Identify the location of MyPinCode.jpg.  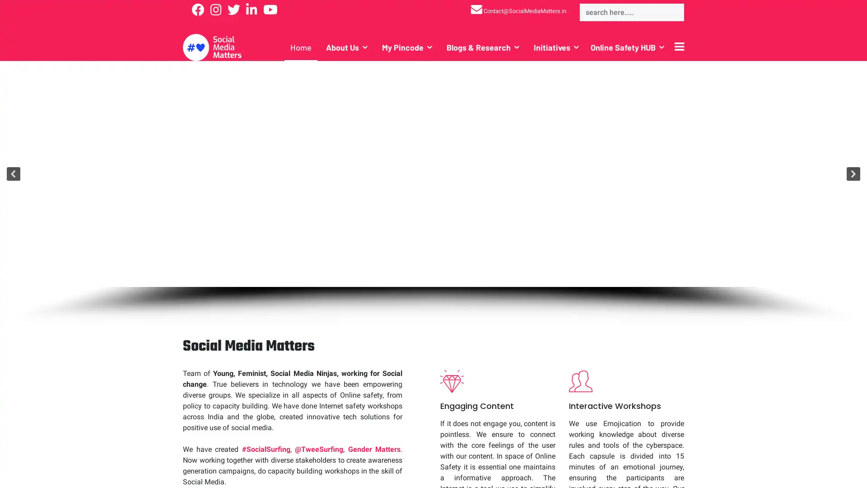
(494, 278).